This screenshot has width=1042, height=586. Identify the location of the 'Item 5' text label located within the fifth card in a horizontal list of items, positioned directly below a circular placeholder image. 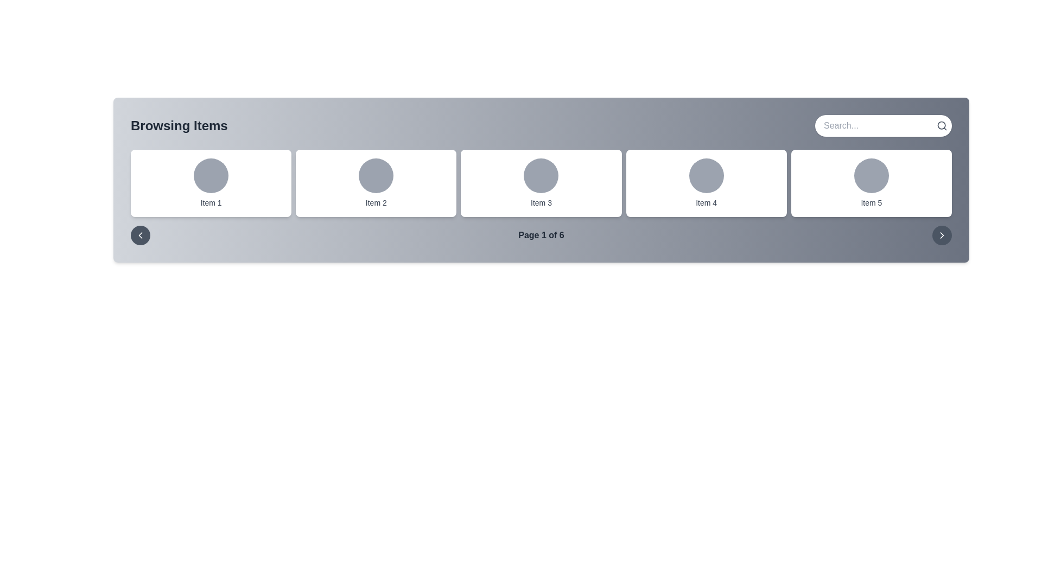
(871, 203).